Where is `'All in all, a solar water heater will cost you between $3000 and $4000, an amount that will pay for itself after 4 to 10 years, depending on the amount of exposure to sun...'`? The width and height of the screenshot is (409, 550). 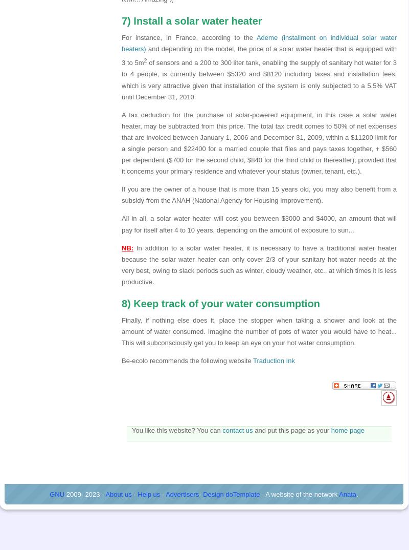 'All in all, a solar water heater will cost you between $3000 and $4000, an amount that will pay for itself after 4 to 10 years, depending on the amount of exposure to sun...' is located at coordinates (259, 223).